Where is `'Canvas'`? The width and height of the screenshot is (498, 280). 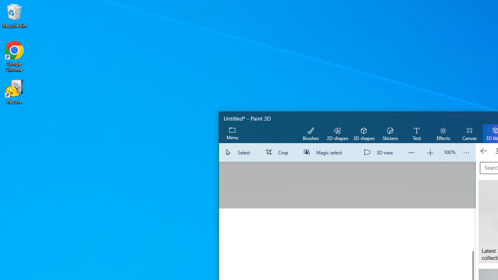
'Canvas' is located at coordinates (469, 133).